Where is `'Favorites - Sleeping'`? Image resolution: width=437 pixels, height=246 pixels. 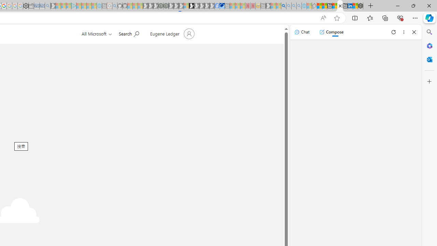
'Favorites - Sleeping' is located at coordinates (314, 6).